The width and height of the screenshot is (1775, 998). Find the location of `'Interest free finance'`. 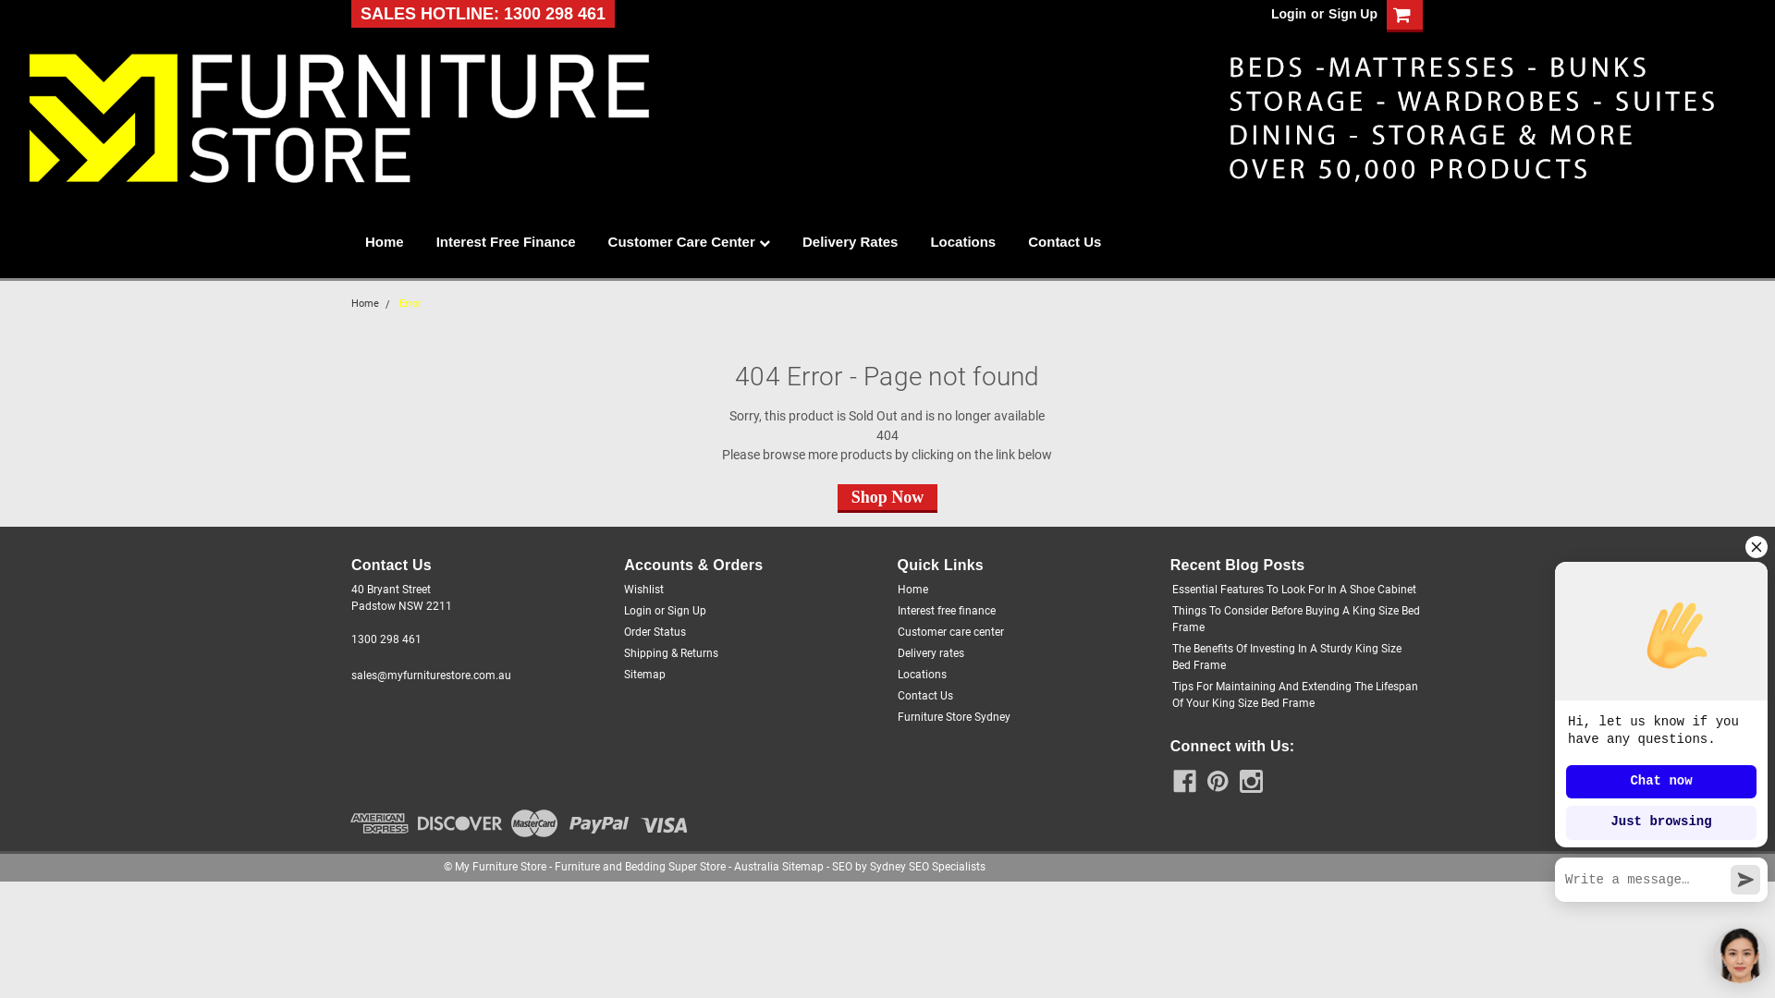

'Interest free finance' is located at coordinates (945, 610).